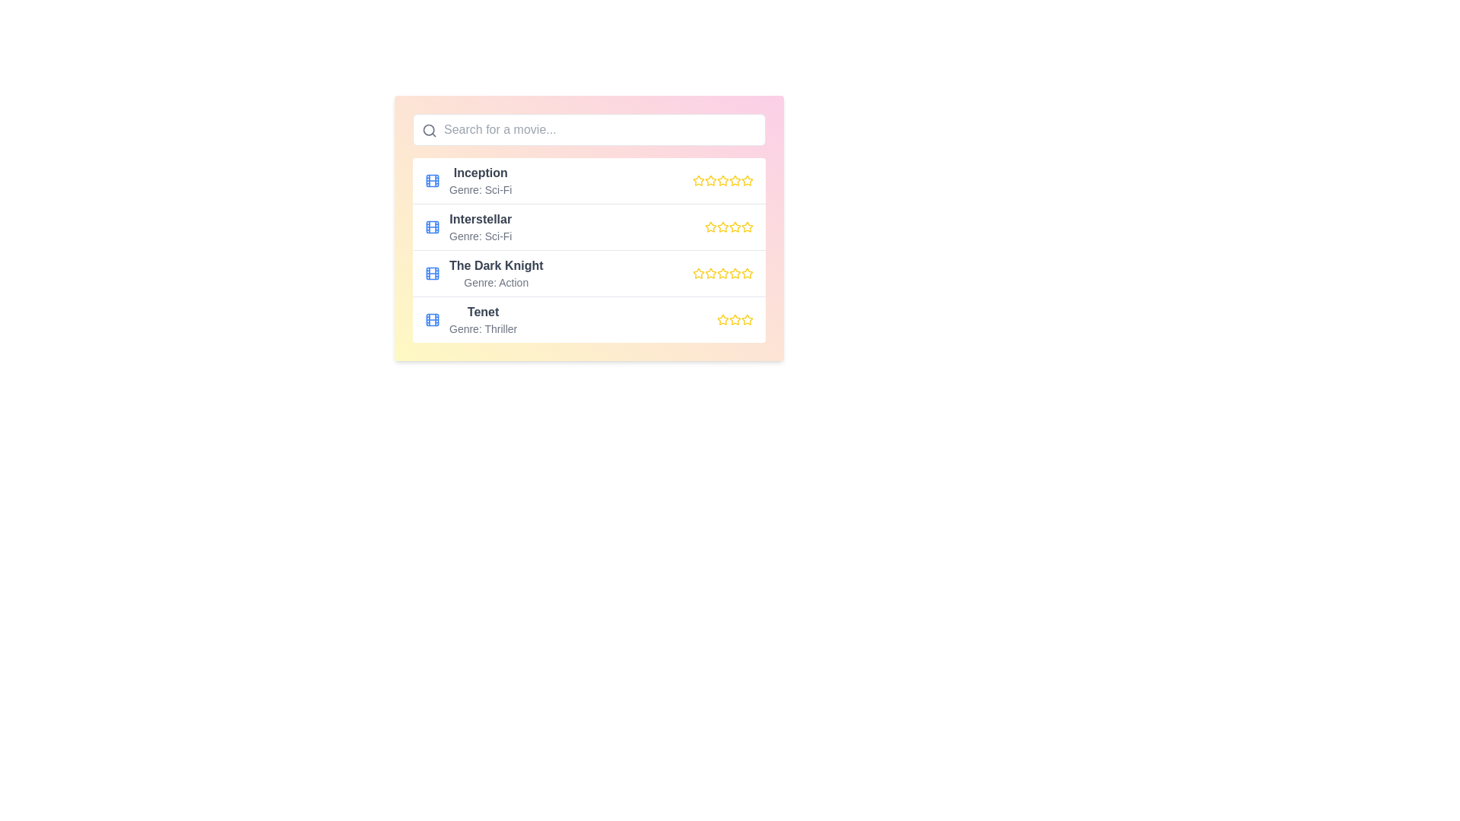  Describe the element at coordinates (697, 180) in the screenshot. I see `the yellow star-shaped icon representing the first rating star for the movie 'Inception'` at that location.